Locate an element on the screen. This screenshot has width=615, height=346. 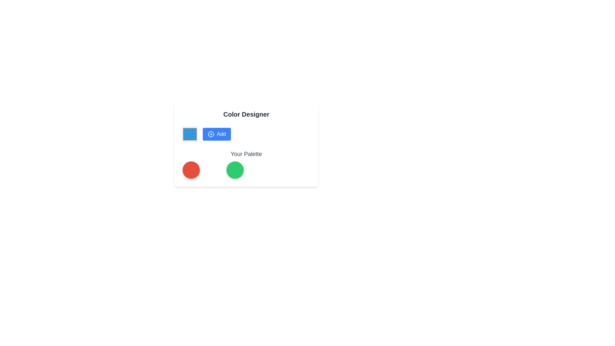
the circular blue 'Add' icon with a plus sign in its center, located near the upper-center part of the 'Color Designer' card is located at coordinates (211, 134).